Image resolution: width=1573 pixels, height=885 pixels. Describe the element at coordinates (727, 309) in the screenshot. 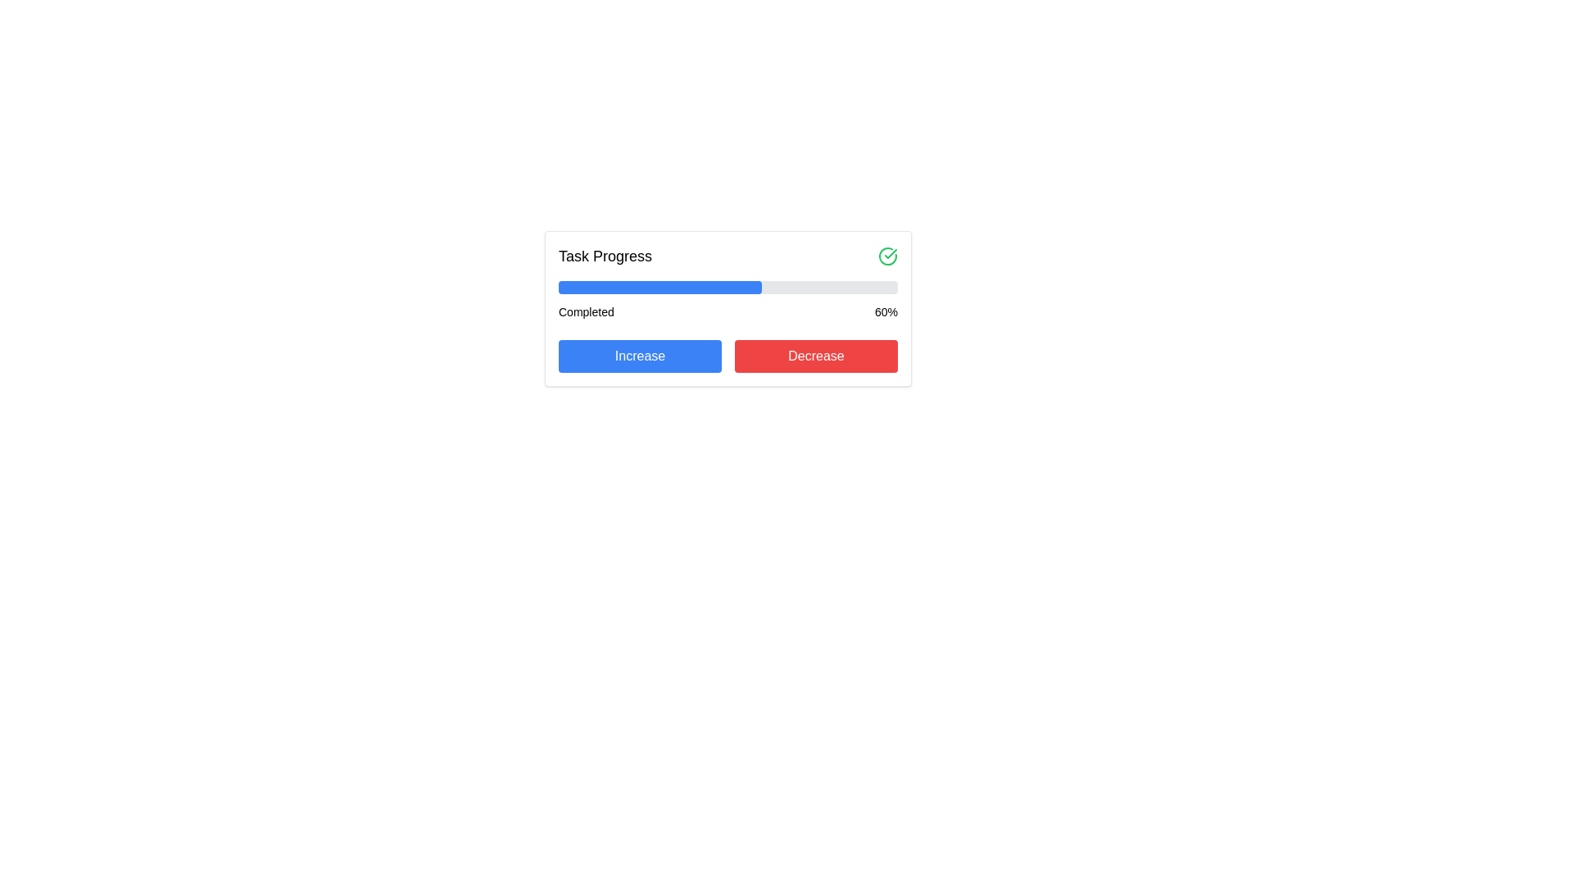

I see `the progress bar of the 'Task Progress' card component` at that location.